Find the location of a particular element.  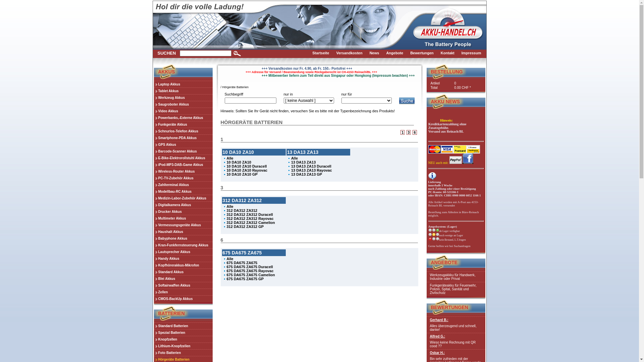

'Lithium-Knopfzellen' is located at coordinates (183, 346).